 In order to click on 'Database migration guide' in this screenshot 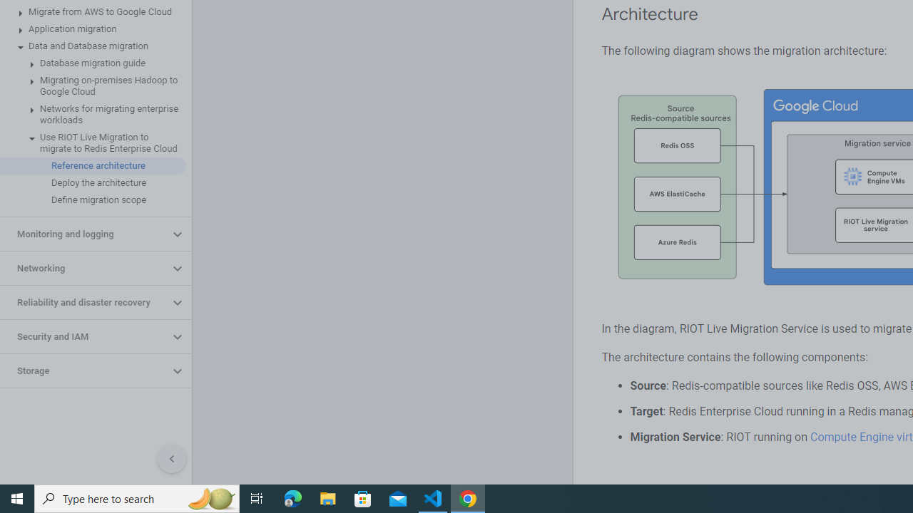, I will do `click(92, 62)`.